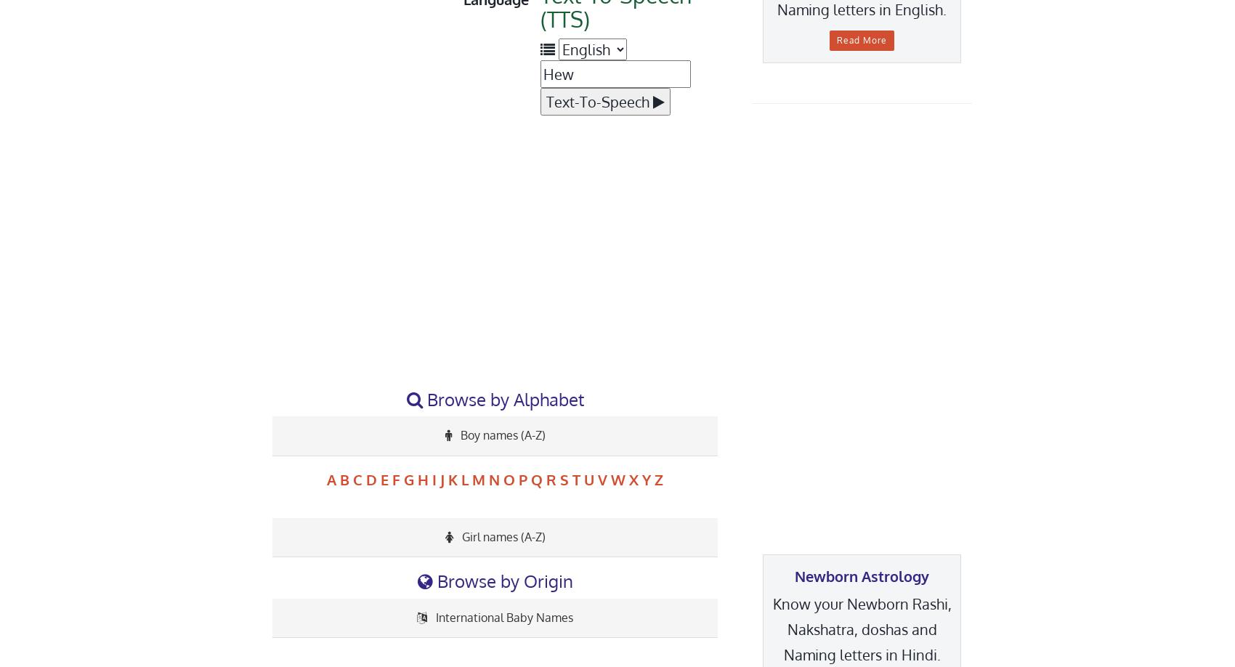  What do you see at coordinates (465, 479) in the screenshot?
I see `'L'` at bounding box center [465, 479].